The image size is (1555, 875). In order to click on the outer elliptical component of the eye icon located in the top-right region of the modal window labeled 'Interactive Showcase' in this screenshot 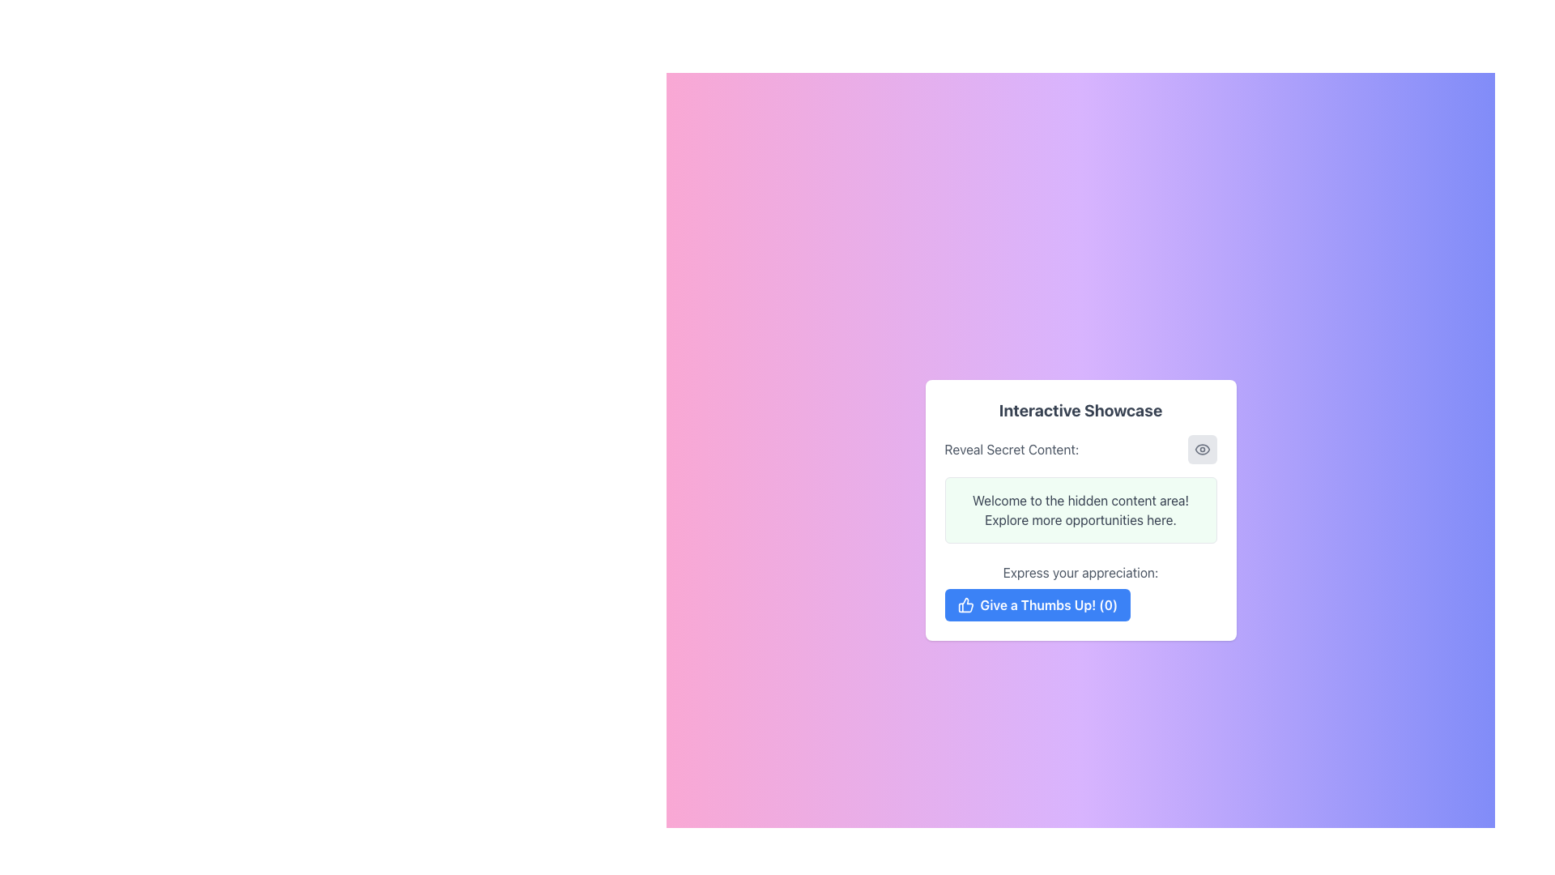, I will do `click(1202, 450)`.